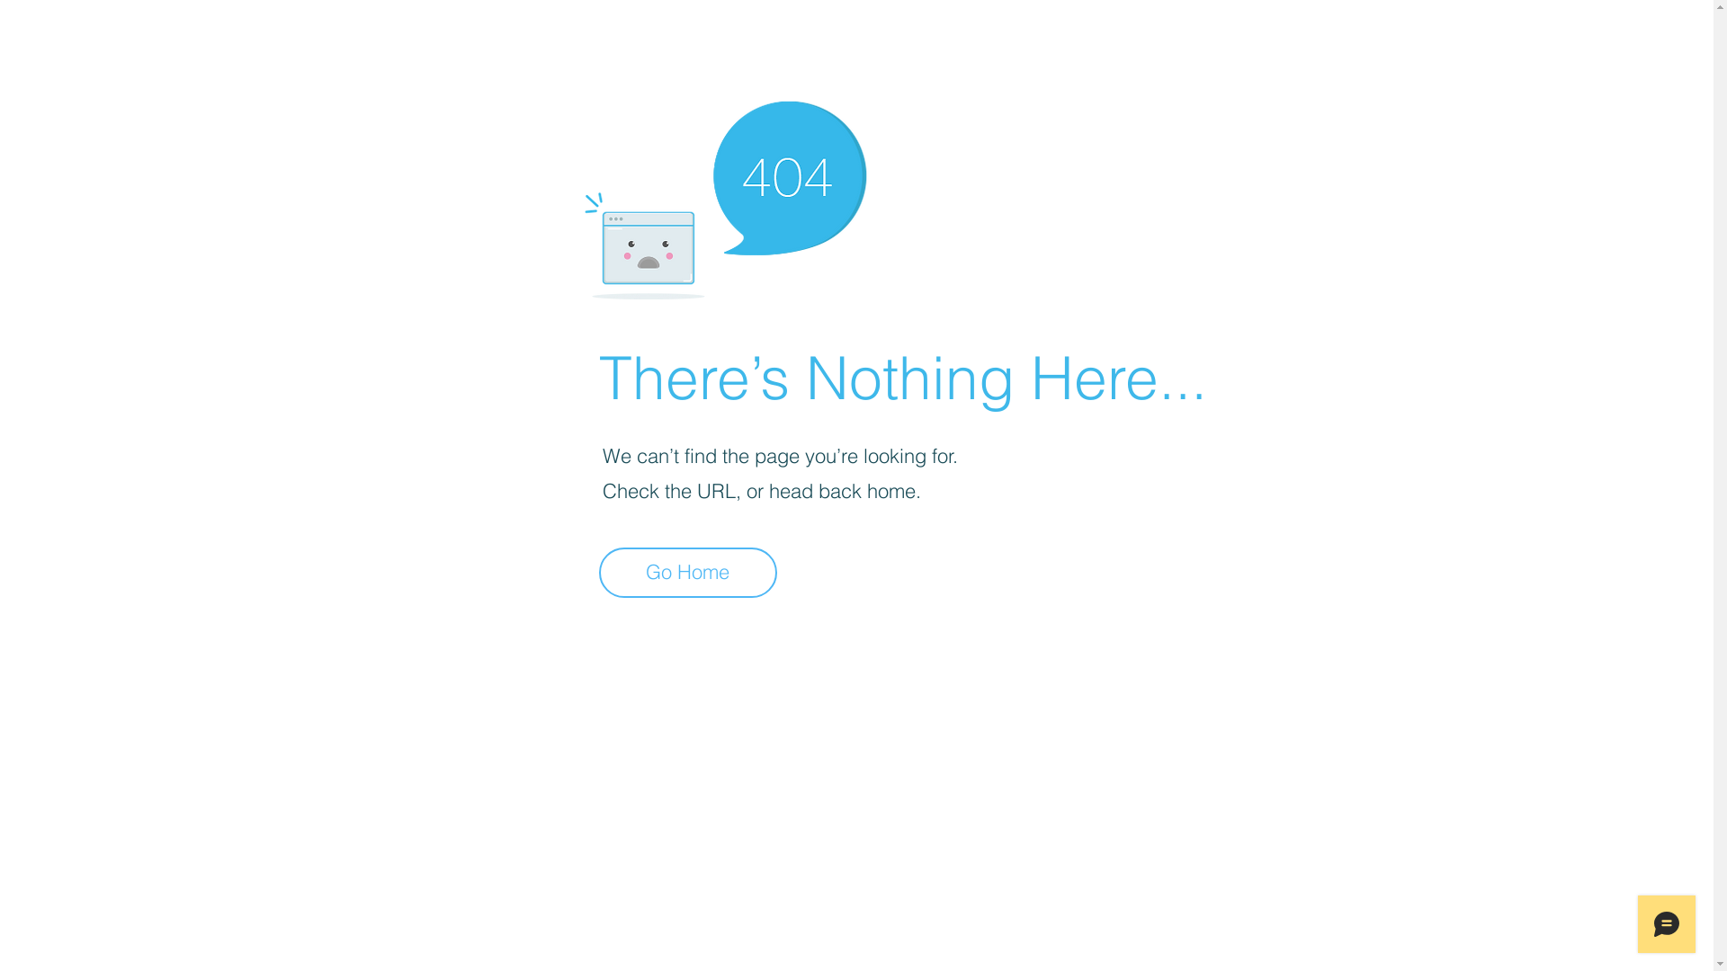 The image size is (1727, 971). What do you see at coordinates (724, 195) in the screenshot?
I see `'404-icon_2.png'` at bounding box center [724, 195].